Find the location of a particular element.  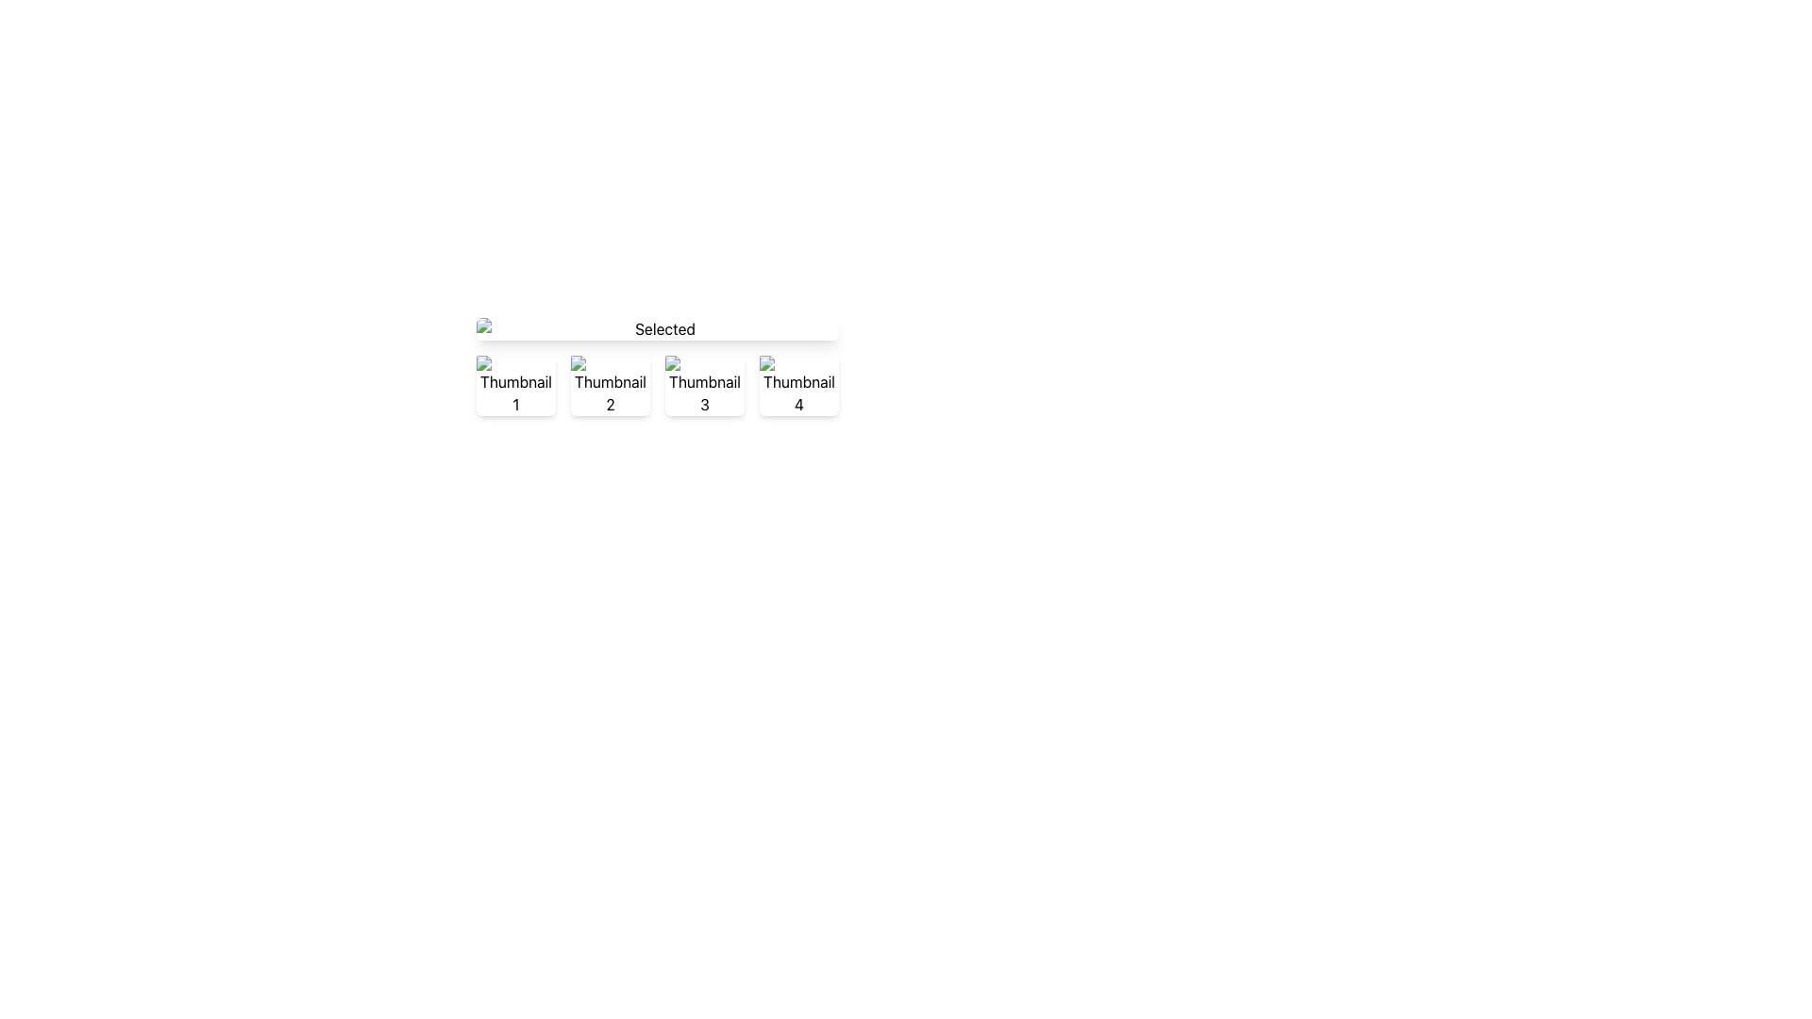

the thumbnail labeled 'Thumbnail 4', which is the fourth item in a horizontal grid of thumbnails is located at coordinates (798, 384).